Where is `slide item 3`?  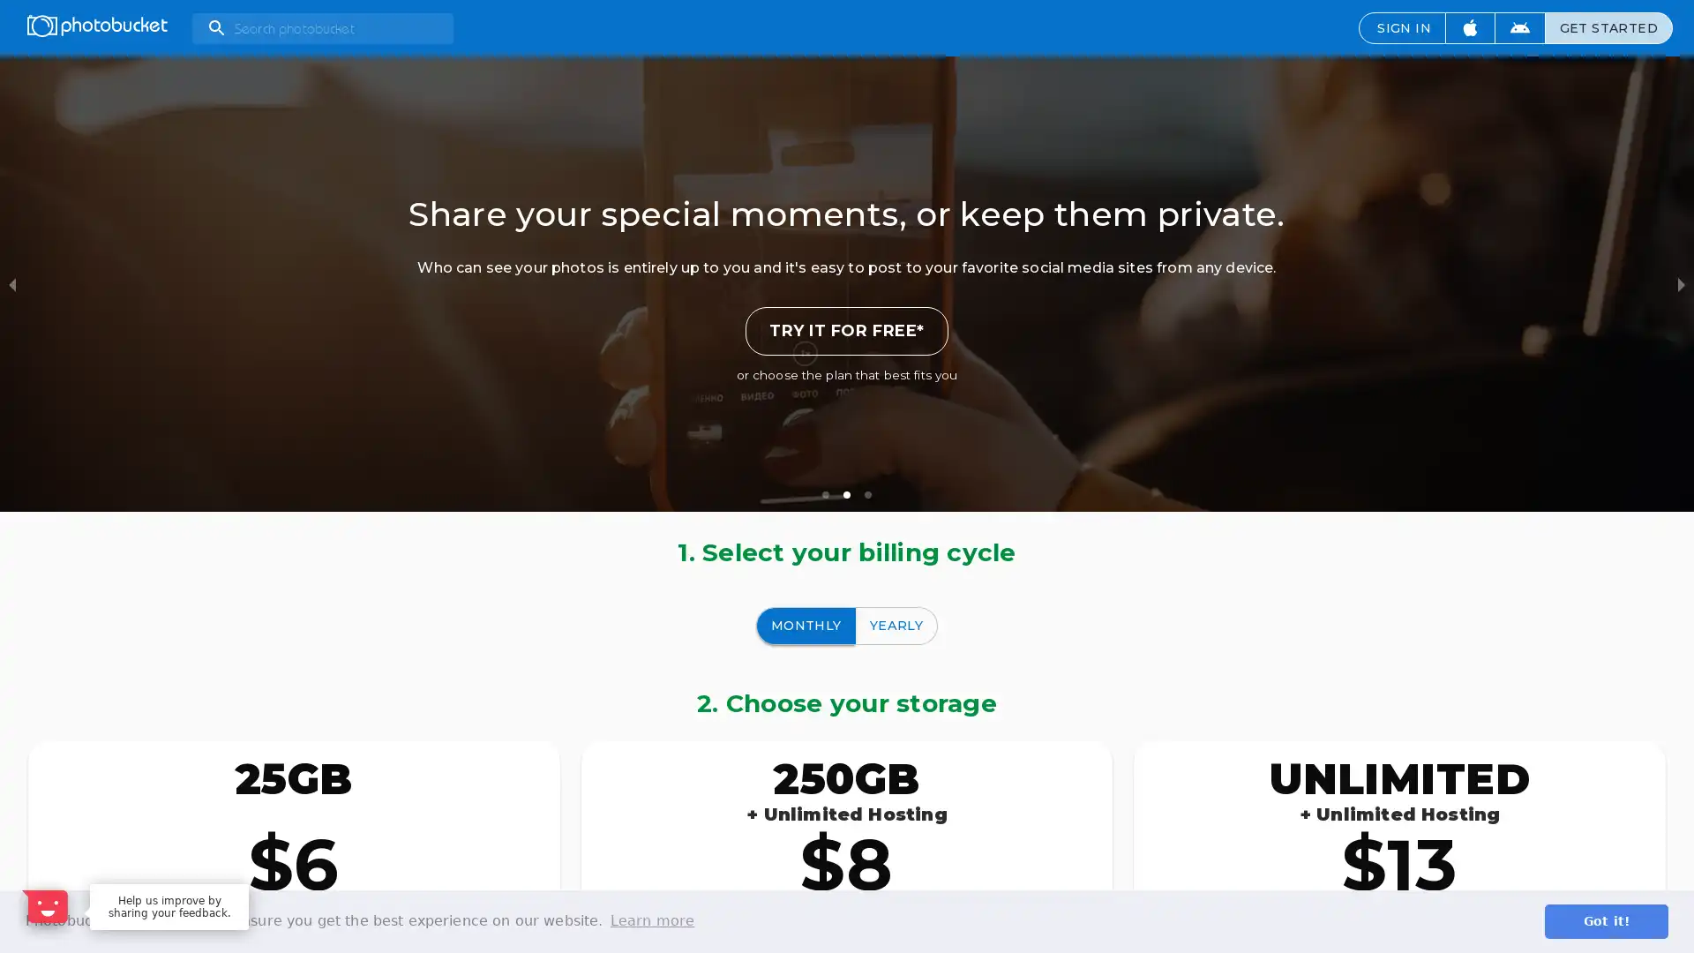 slide item 3 is located at coordinates (867, 493).